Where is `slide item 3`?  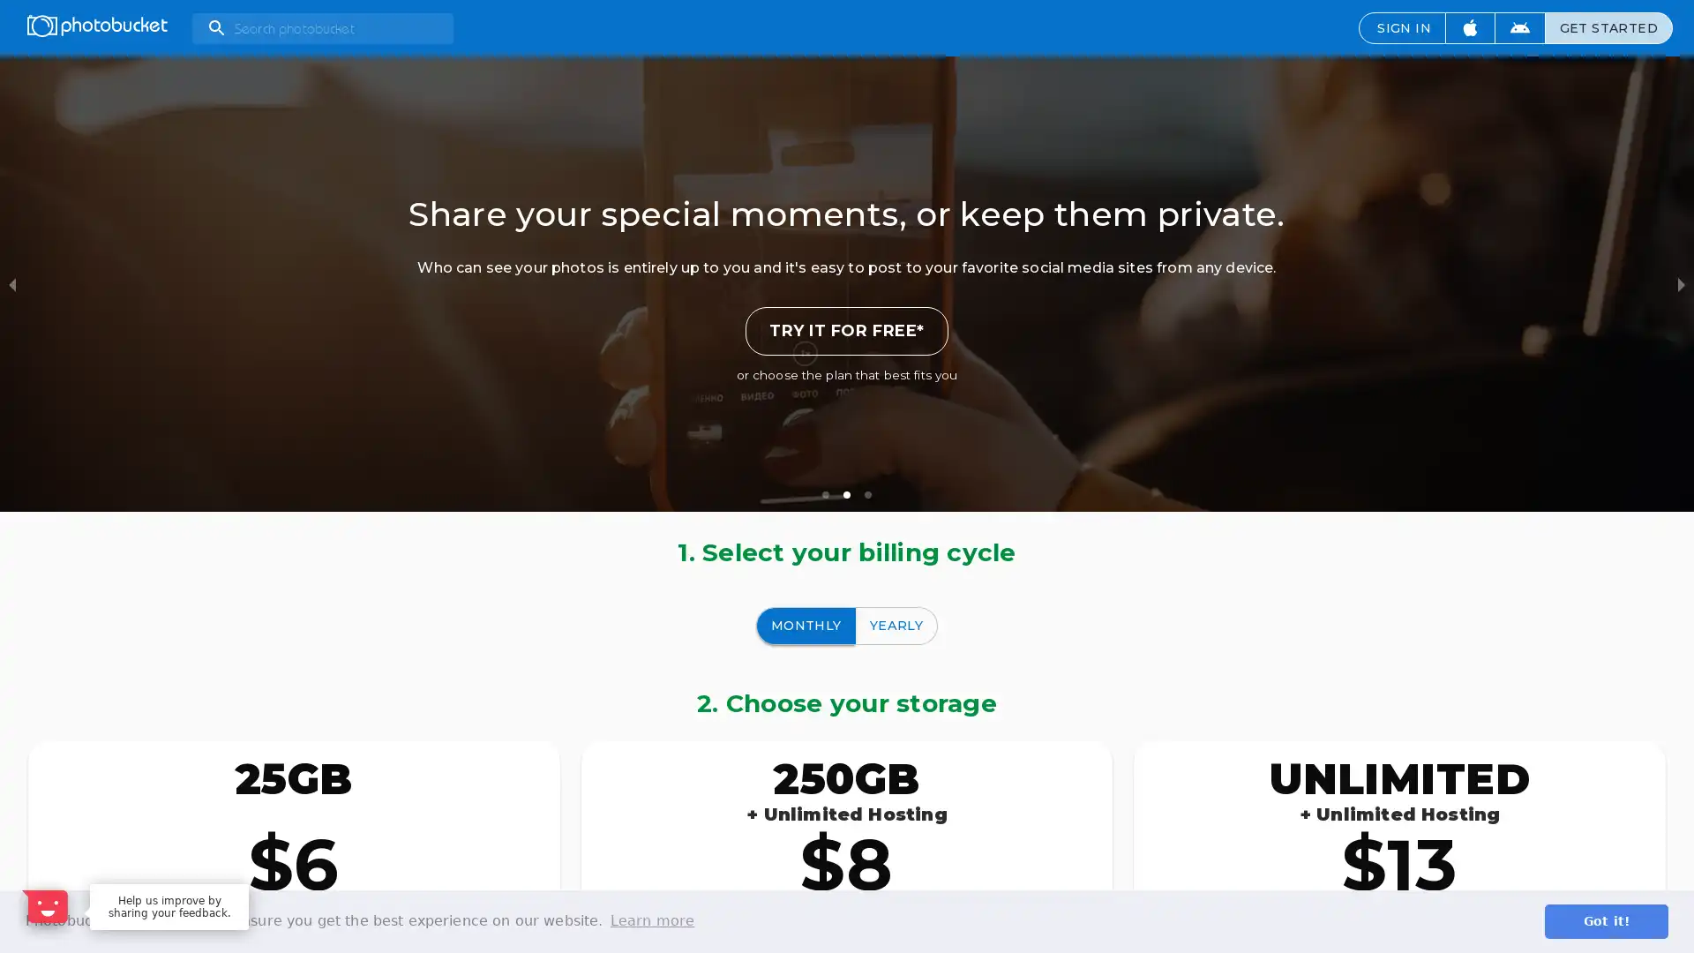 slide item 3 is located at coordinates (867, 493).